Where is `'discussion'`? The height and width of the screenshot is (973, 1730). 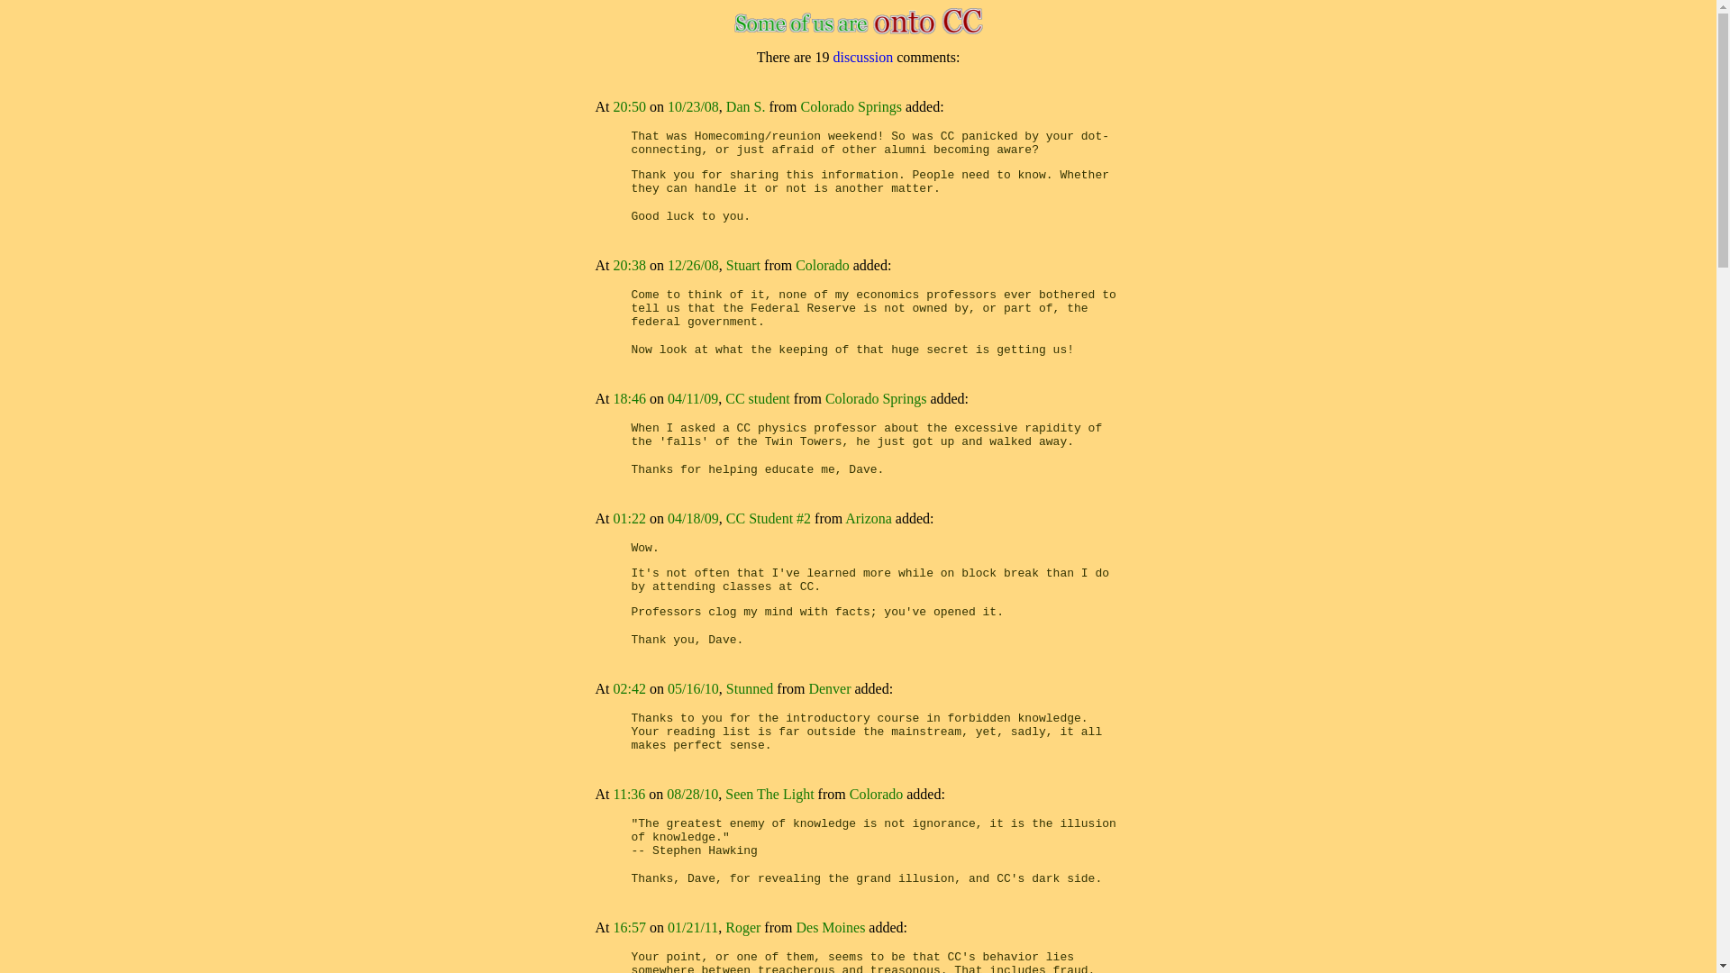 'discussion' is located at coordinates (861, 56).